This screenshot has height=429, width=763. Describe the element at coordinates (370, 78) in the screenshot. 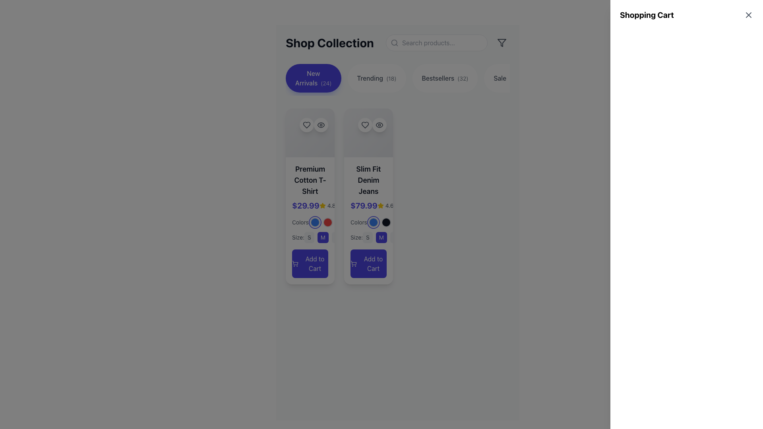

I see `label text for the 'Trending' navigation button located centrally within the second navigation button, positioned to the right of 'New Arrivals'` at that location.